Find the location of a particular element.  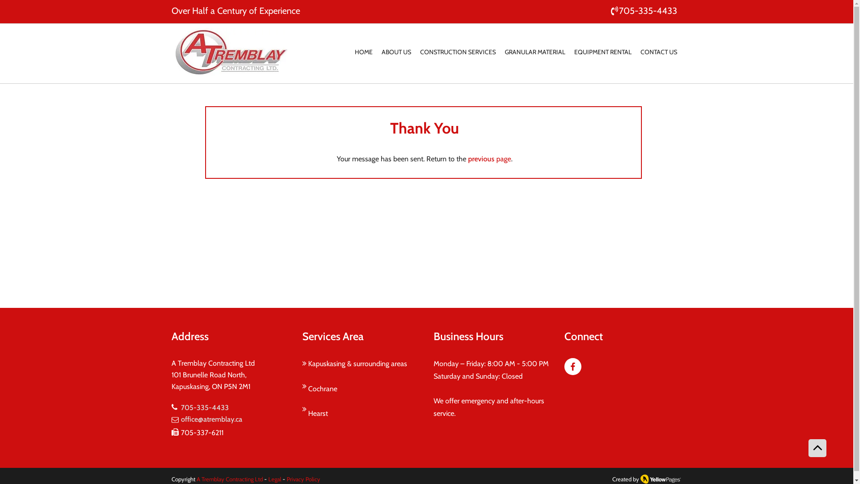

'office@atremblay.ca' is located at coordinates (211, 419).